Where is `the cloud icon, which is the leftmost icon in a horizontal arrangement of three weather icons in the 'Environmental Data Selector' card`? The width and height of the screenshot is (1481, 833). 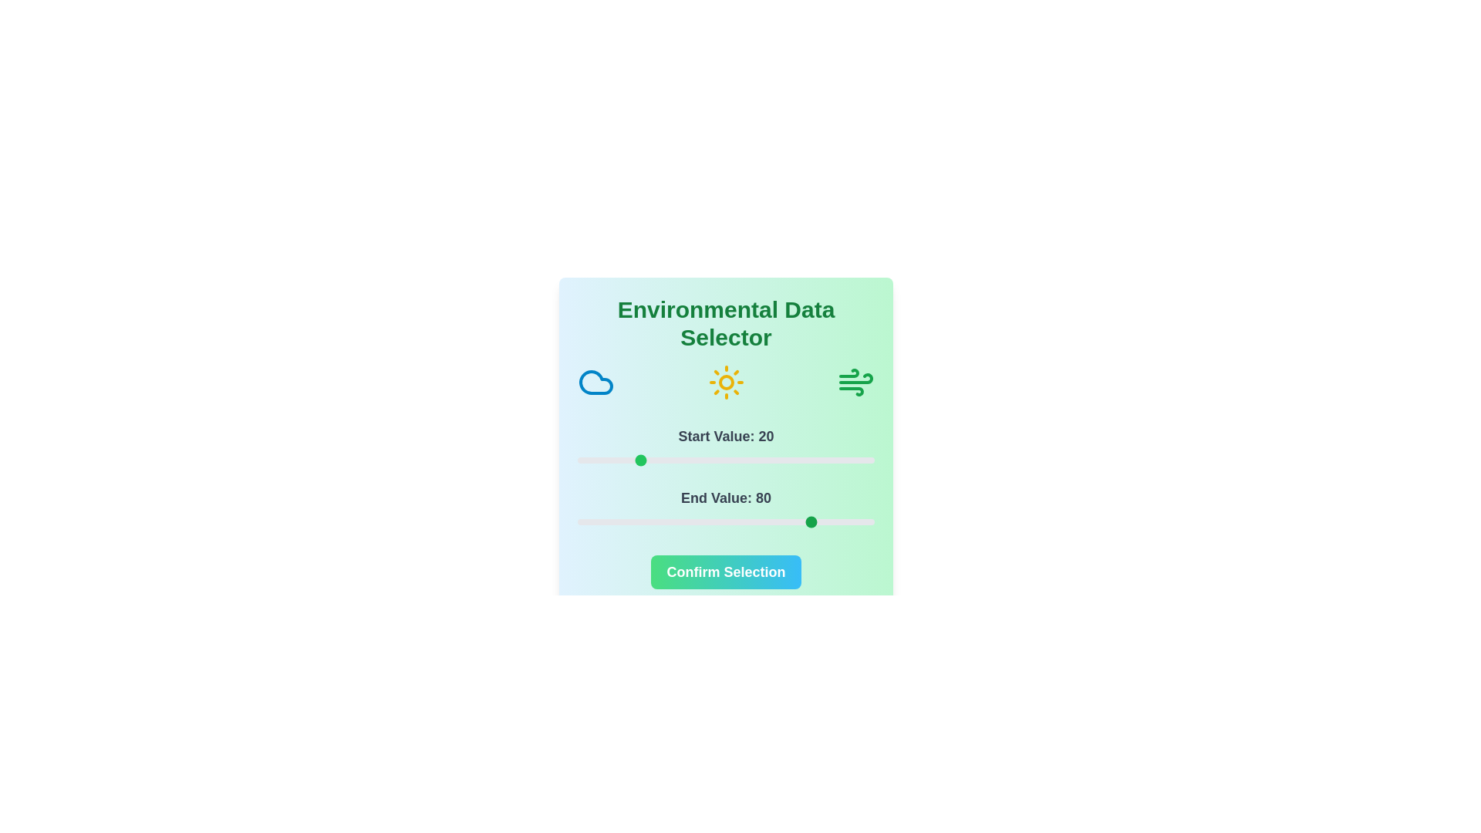
the cloud icon, which is the leftmost icon in a horizontal arrangement of three weather icons in the 'Environmental Data Selector' card is located at coordinates (595, 382).